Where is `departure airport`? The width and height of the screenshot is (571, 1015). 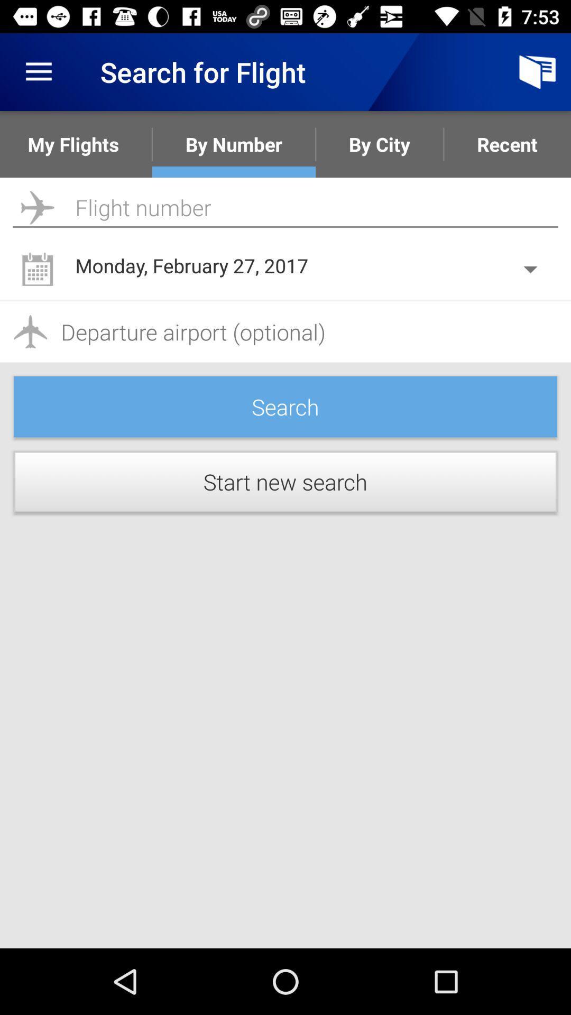
departure airport is located at coordinates (285, 331).